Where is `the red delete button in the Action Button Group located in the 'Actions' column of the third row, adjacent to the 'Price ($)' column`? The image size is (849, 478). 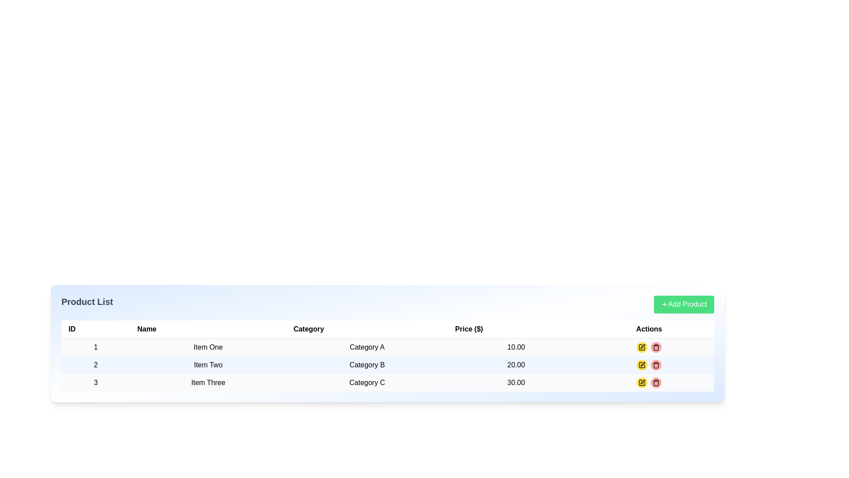
the red delete button in the Action Button Group located in the 'Actions' column of the third row, adjacent to the 'Price ($)' column is located at coordinates (649, 382).